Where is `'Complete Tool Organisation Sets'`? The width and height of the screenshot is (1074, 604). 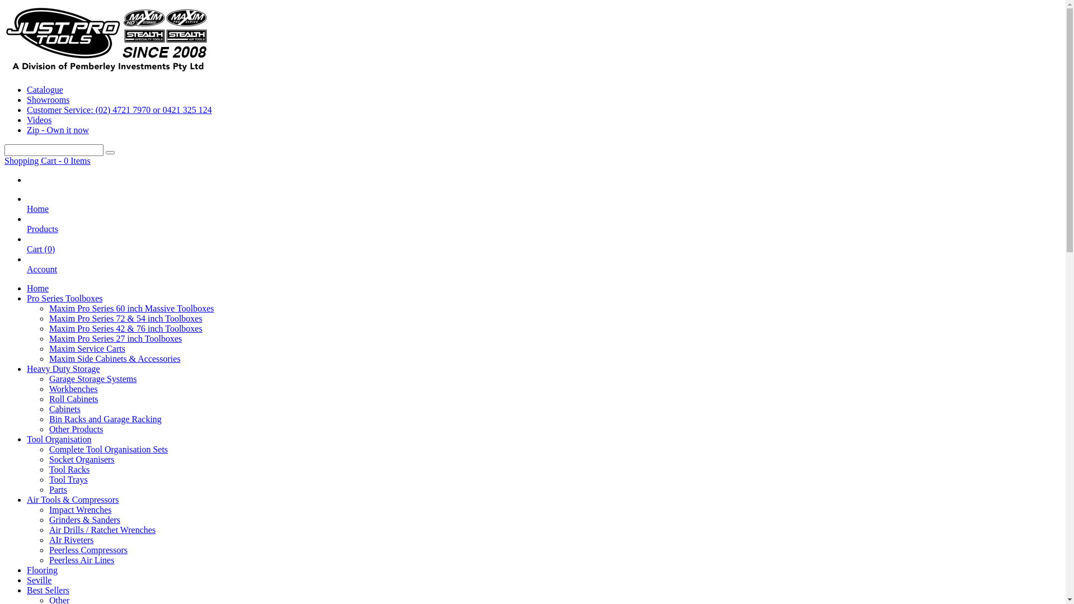 'Complete Tool Organisation Sets' is located at coordinates (48, 449).